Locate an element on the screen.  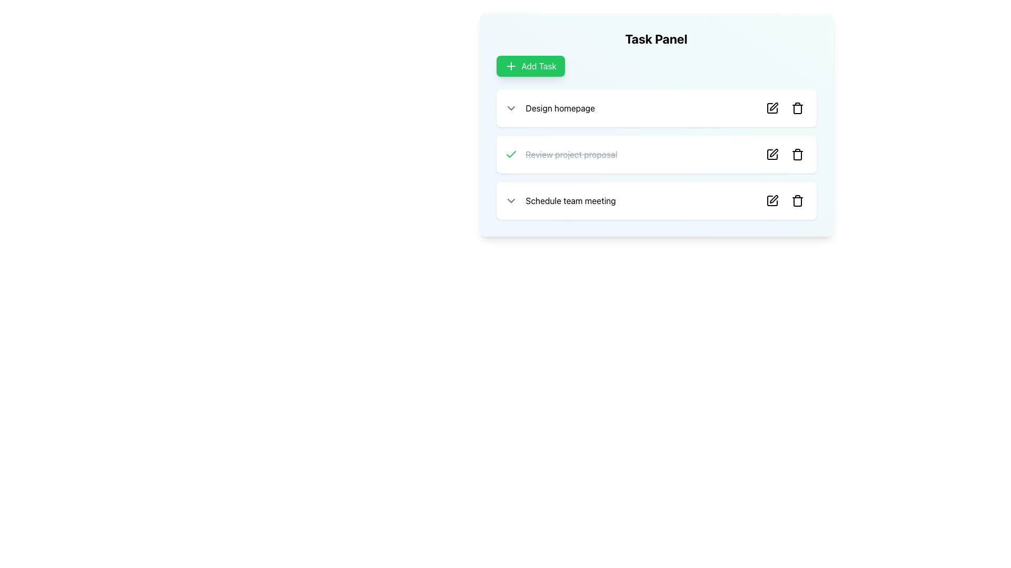
the text label that serves as the title for the completed task located between 'Design homepage' and 'Schedule team meeting' in the task list is located at coordinates (560, 154).